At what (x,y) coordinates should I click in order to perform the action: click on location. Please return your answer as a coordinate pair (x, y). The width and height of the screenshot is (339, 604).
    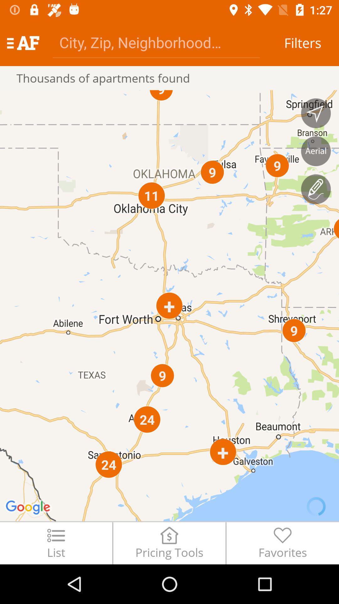
    Looking at the image, I should click on (316, 113).